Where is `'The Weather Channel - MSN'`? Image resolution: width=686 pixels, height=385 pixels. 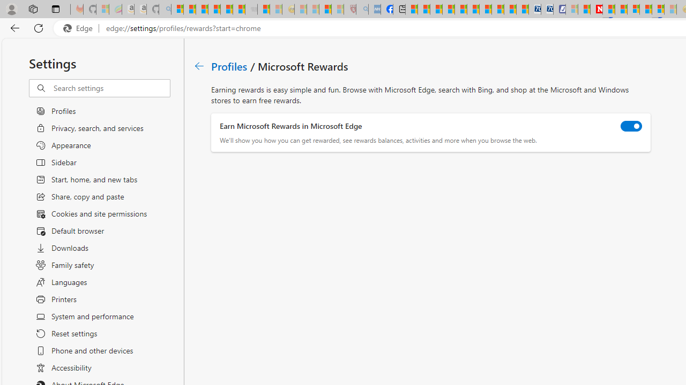
'The Weather Channel - MSN' is located at coordinates (202, 9).